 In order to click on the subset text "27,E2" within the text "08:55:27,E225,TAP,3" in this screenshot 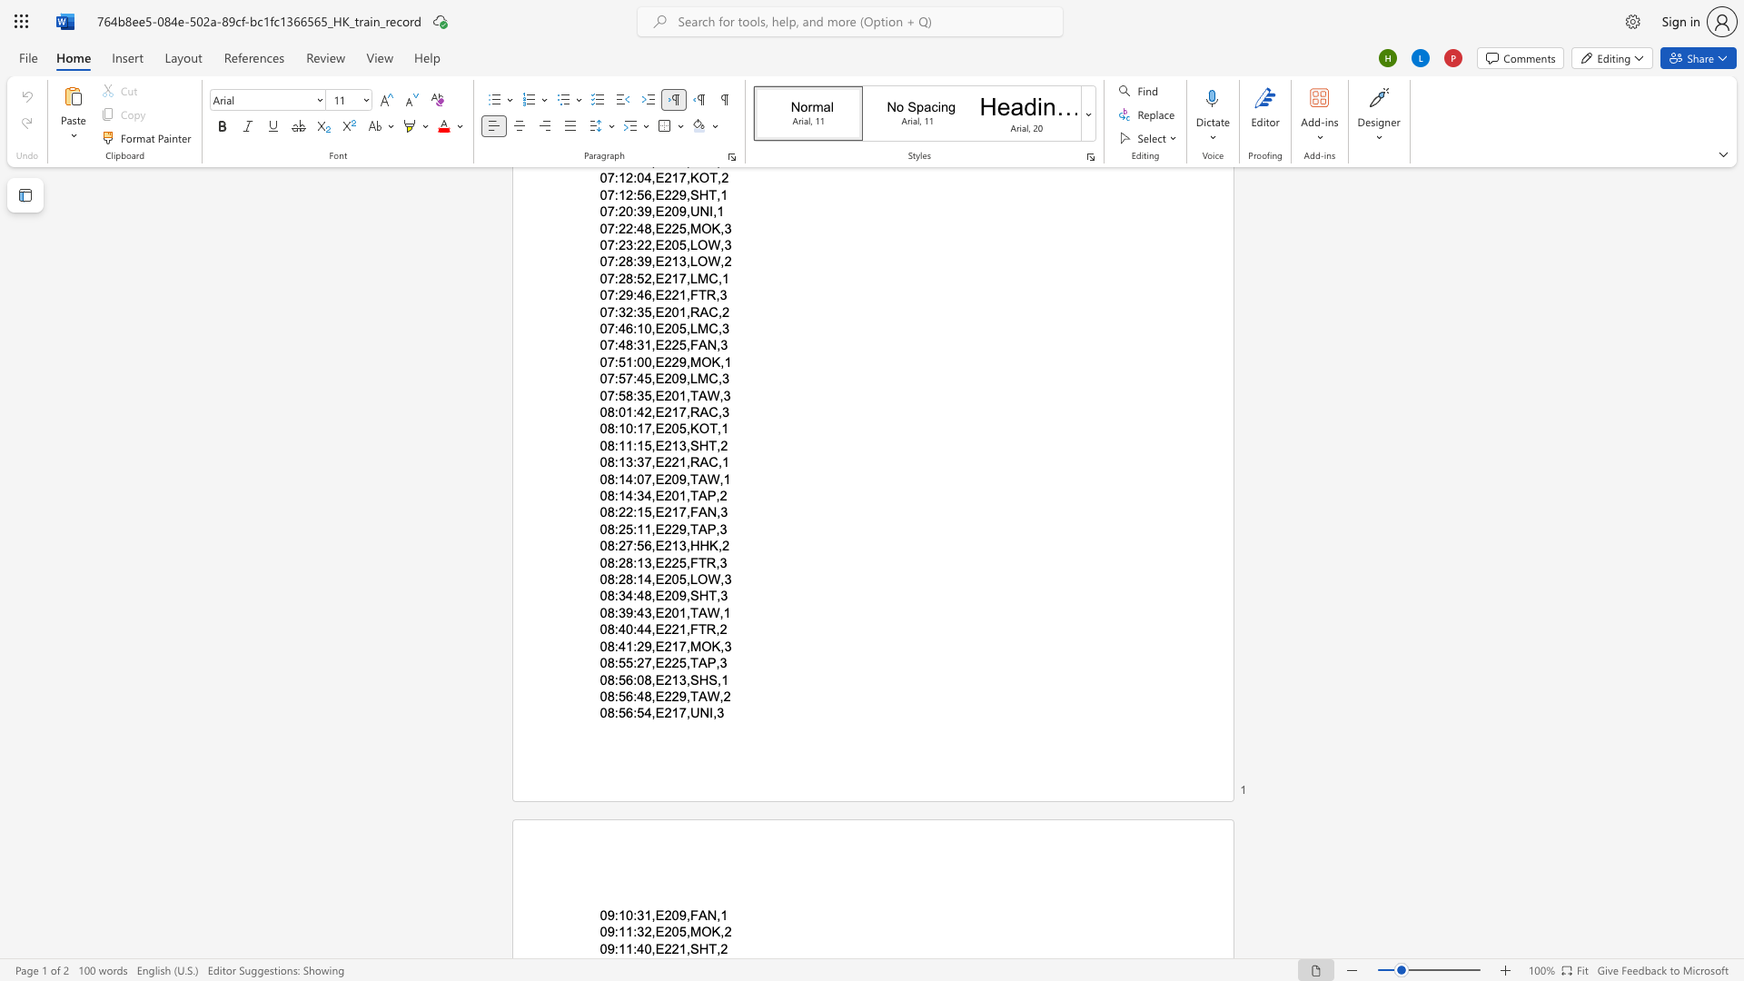, I will do `click(637, 663)`.